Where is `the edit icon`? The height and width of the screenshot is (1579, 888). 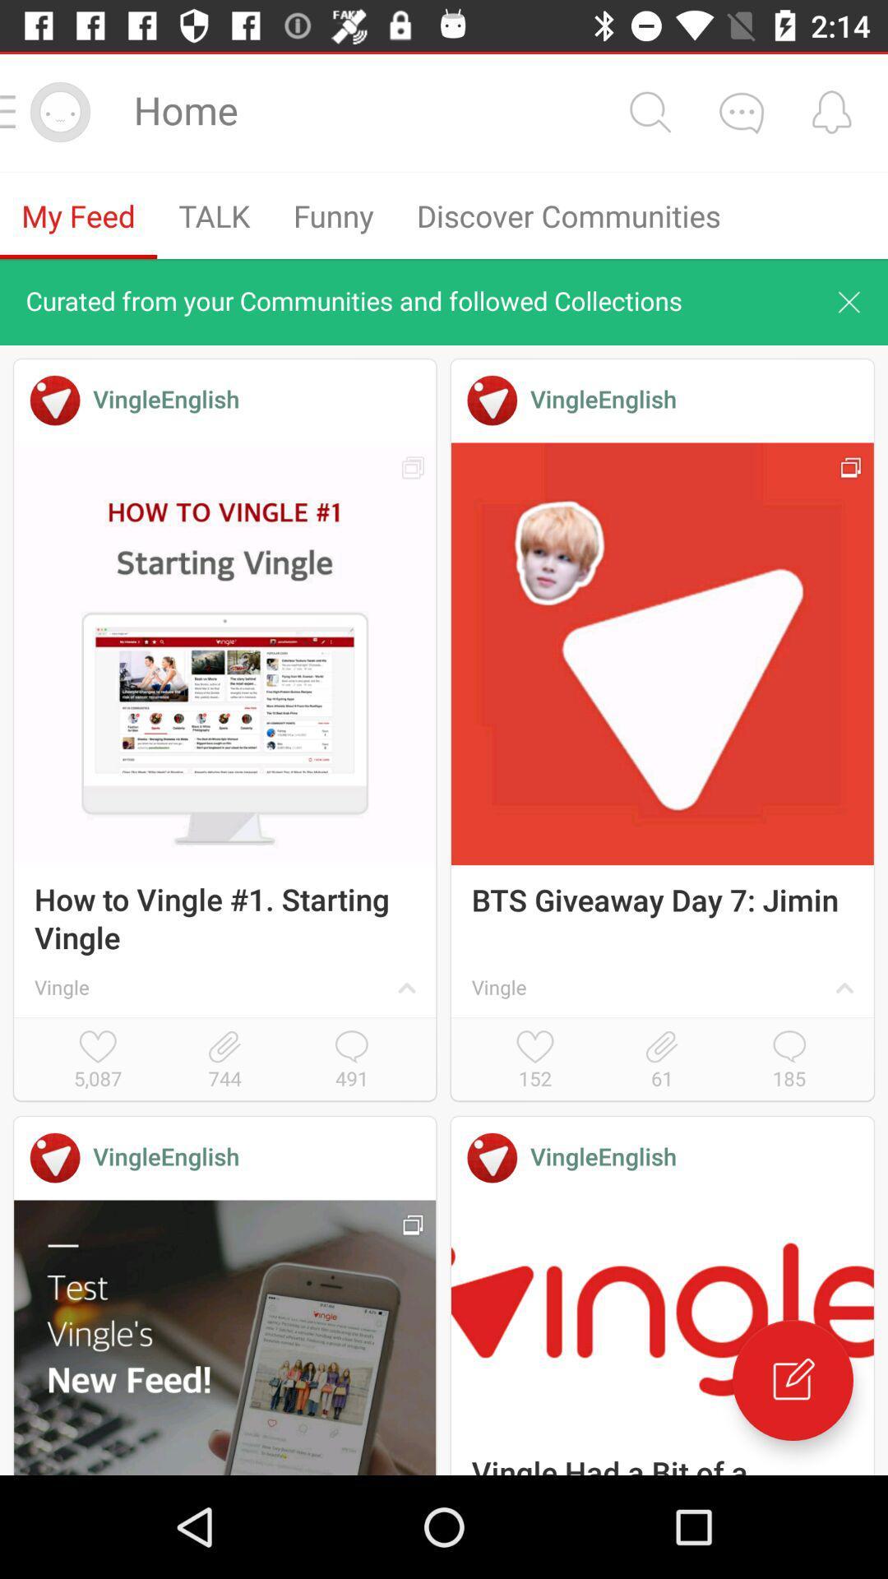 the edit icon is located at coordinates (792, 1380).